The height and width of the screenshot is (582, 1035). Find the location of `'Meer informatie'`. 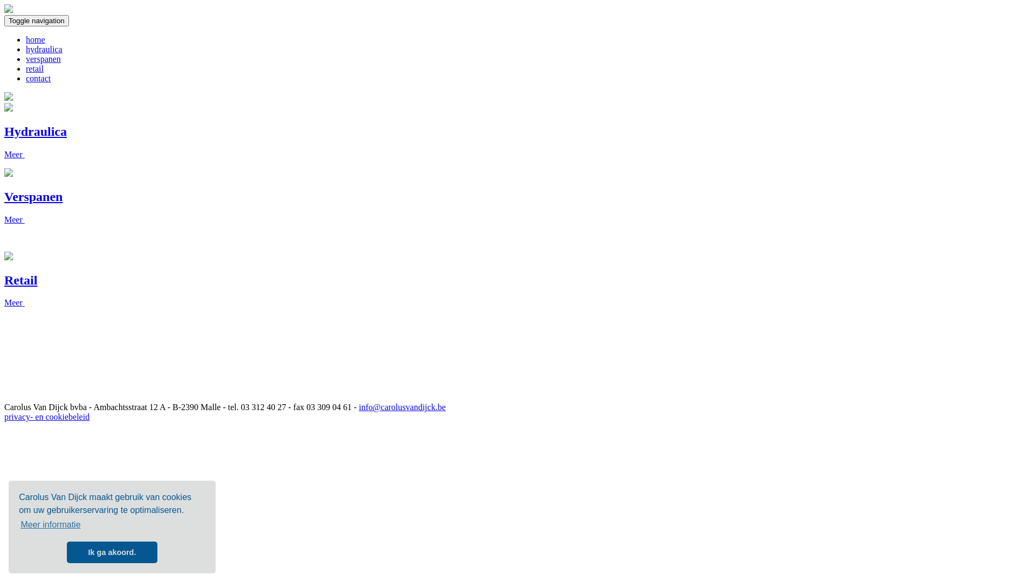

'Meer informatie' is located at coordinates (50, 524).